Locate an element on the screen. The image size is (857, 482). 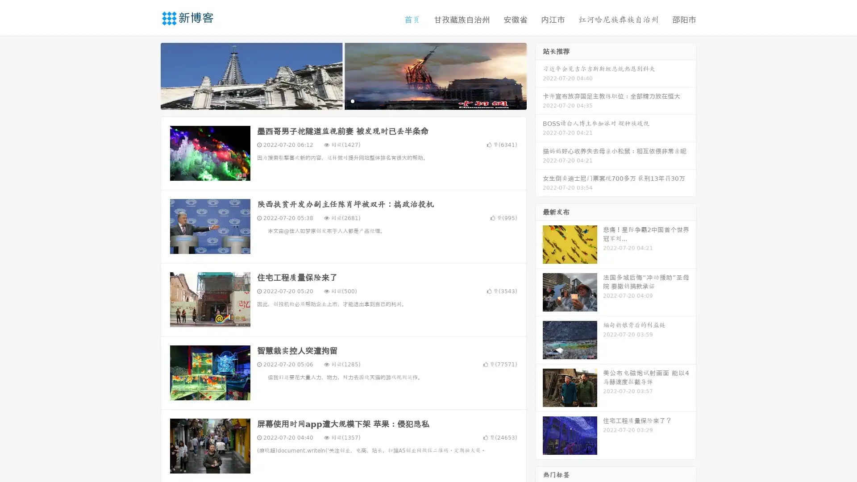
Next slide is located at coordinates (539, 75).